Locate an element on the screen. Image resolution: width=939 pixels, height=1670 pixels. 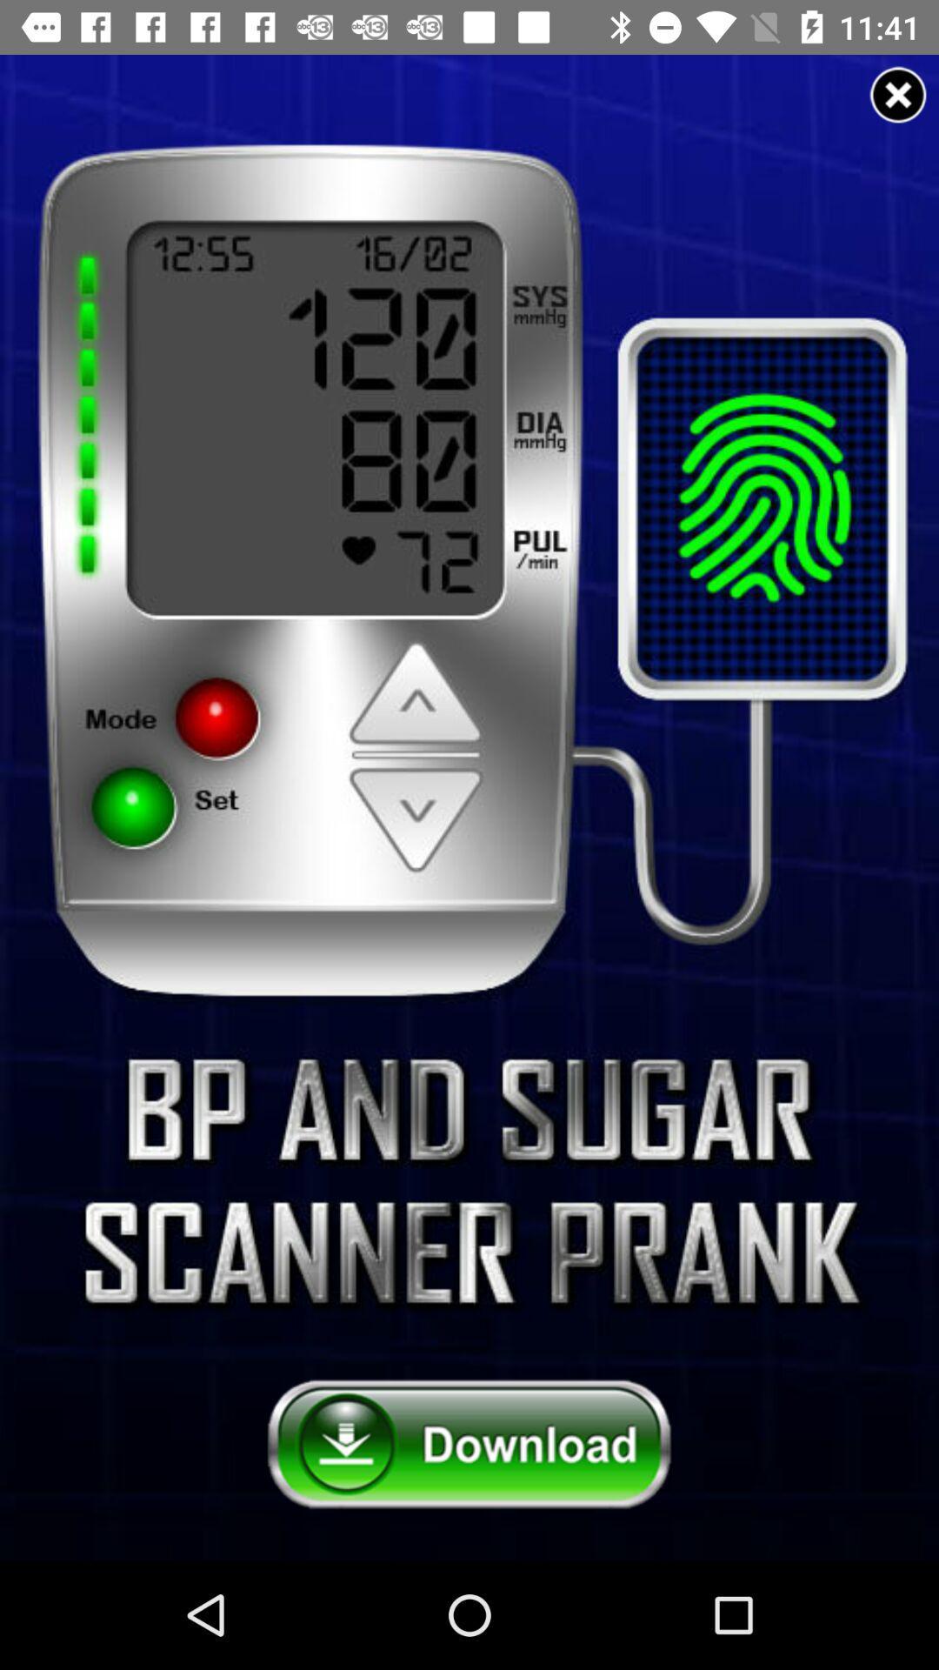
advertisement is located at coordinates (898, 94).